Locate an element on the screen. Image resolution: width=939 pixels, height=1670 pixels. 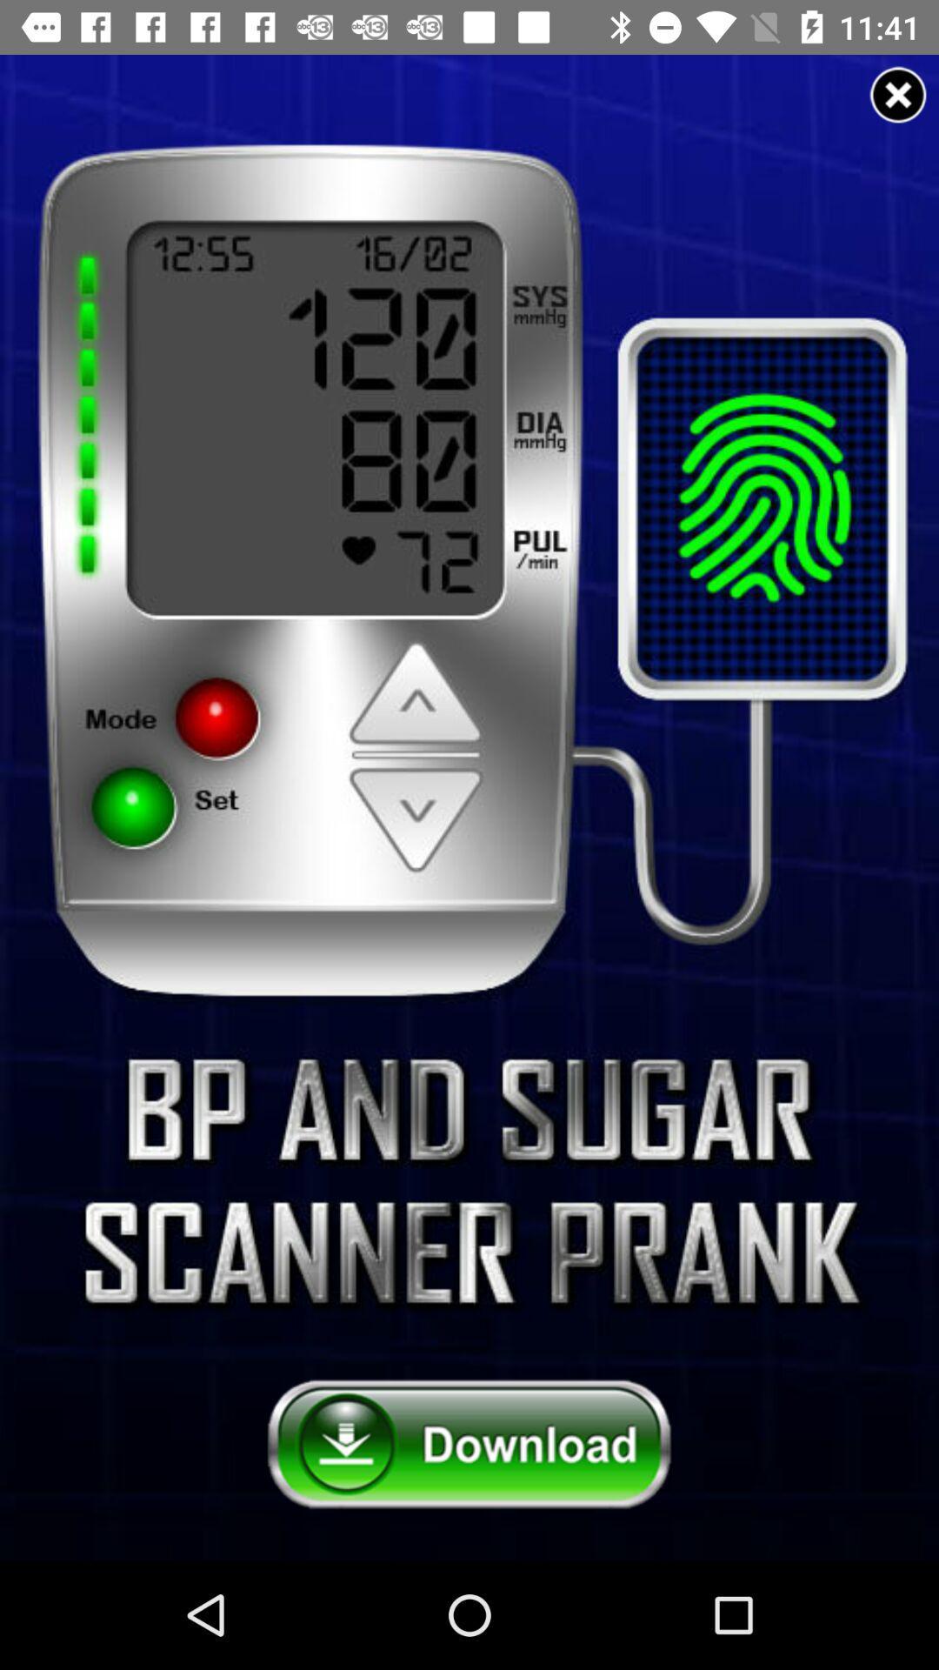
advertisement is located at coordinates (898, 94).